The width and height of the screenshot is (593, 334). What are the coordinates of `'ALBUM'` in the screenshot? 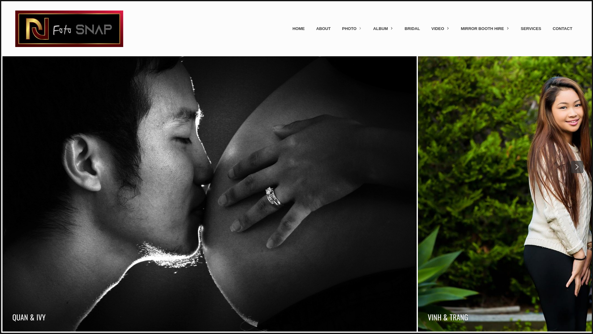 It's located at (383, 28).